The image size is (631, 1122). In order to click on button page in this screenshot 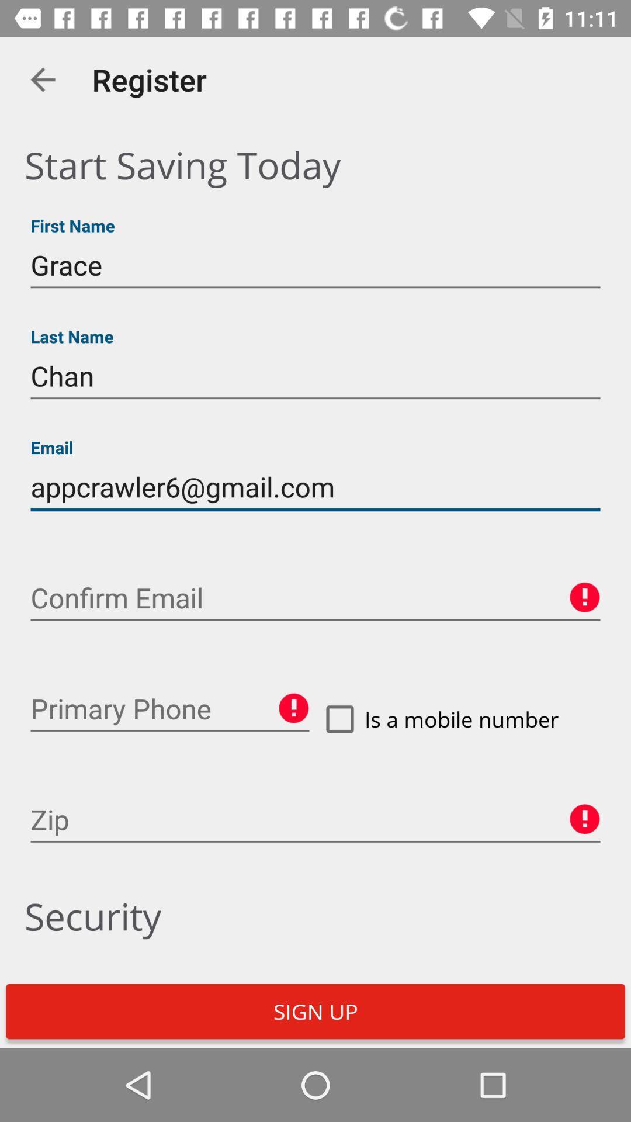, I will do `click(169, 708)`.